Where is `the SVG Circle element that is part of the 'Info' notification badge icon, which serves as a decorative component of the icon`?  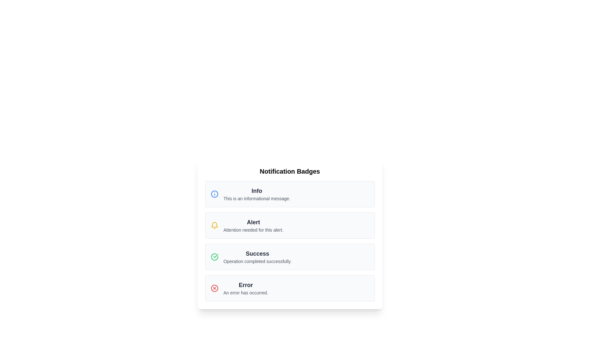 the SVG Circle element that is part of the 'Info' notification badge icon, which serves as a decorative component of the icon is located at coordinates (214, 194).